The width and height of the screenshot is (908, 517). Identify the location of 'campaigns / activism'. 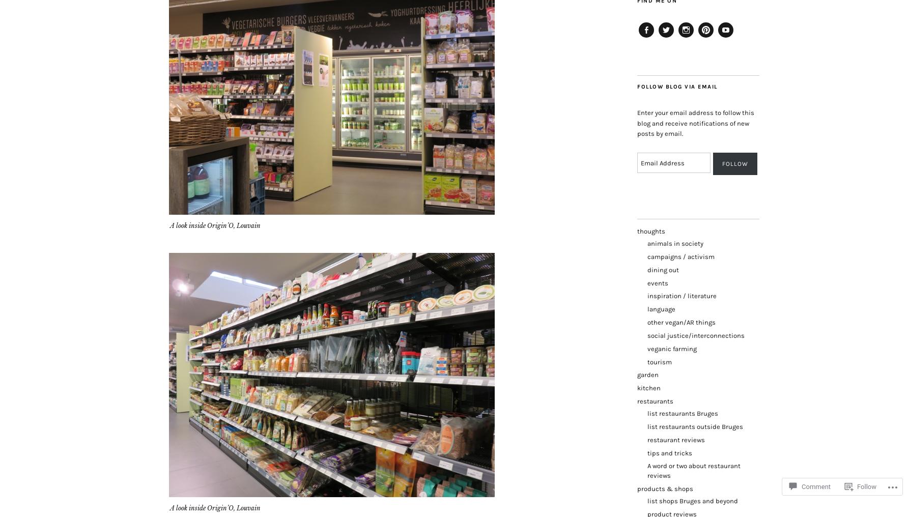
(681, 256).